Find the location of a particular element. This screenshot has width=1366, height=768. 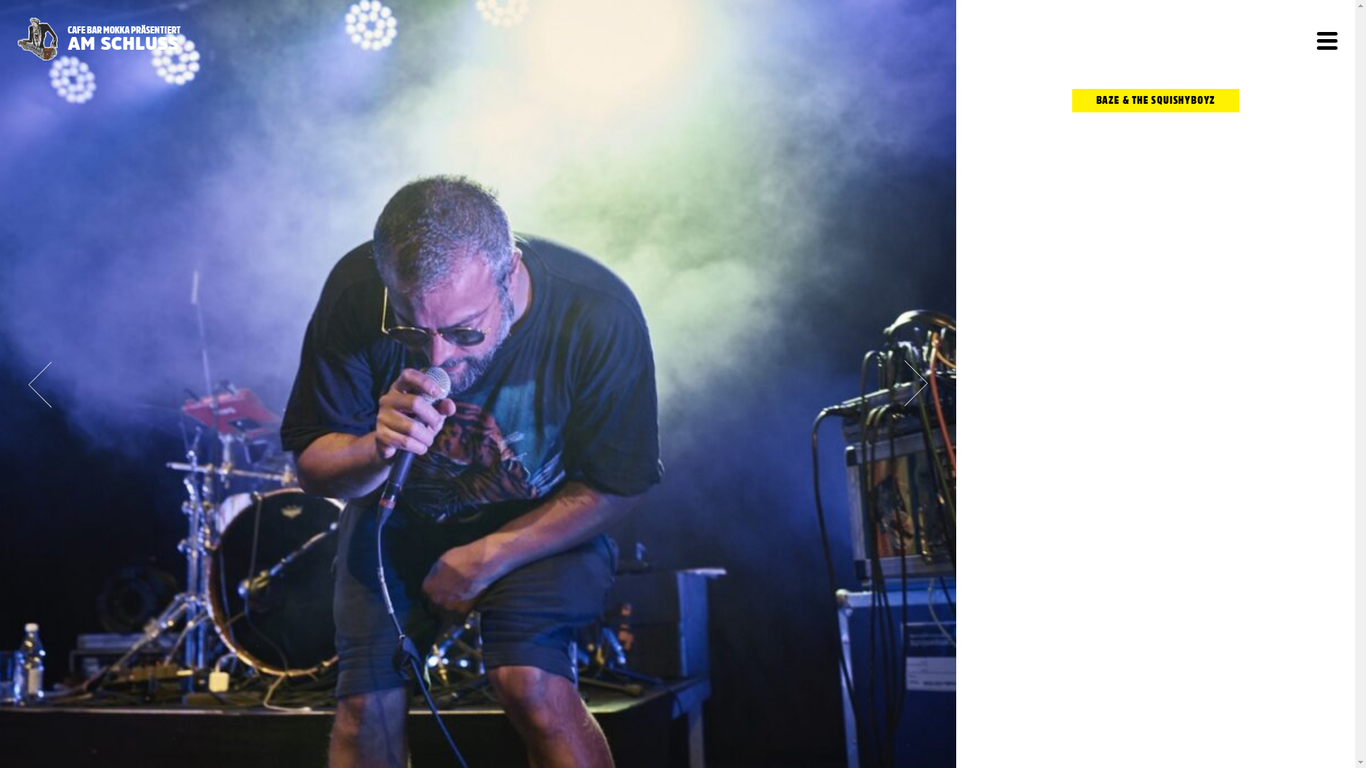

'BAZE & THE SQUISHYBOYZ' is located at coordinates (1072, 100).